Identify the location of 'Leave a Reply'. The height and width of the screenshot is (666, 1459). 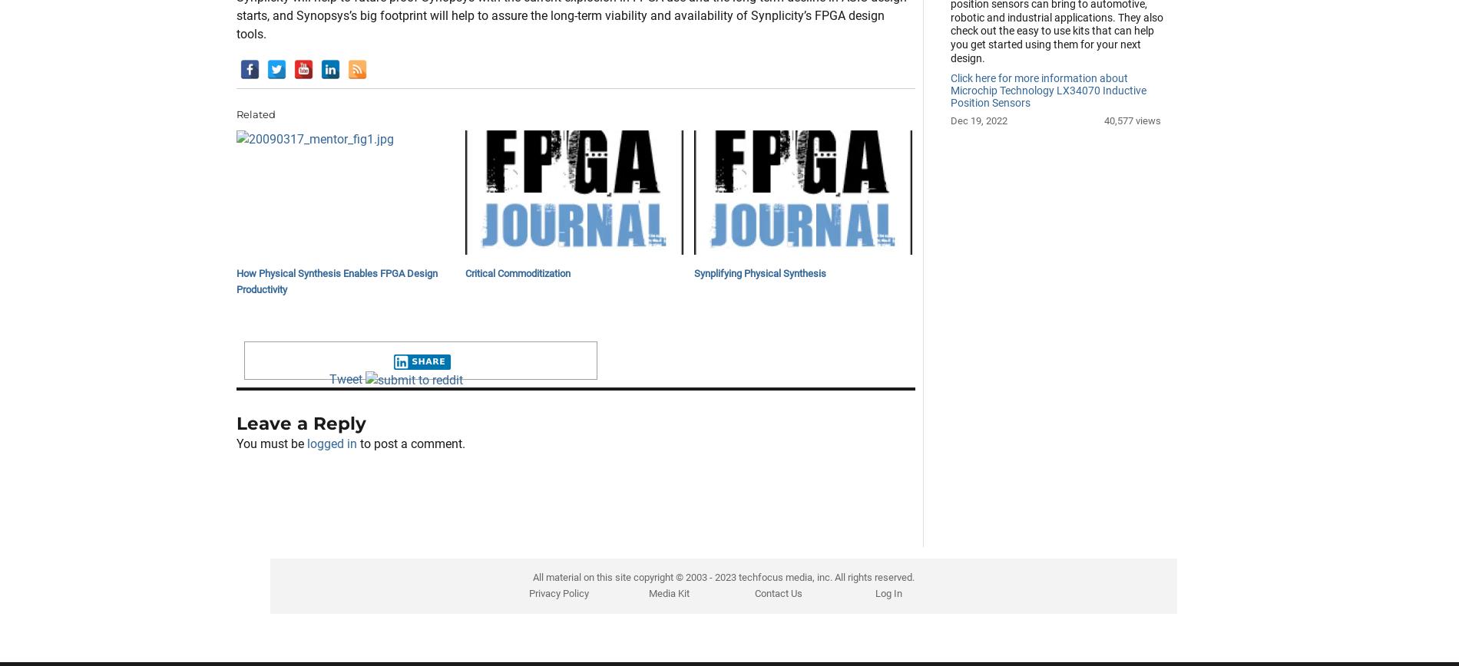
(235, 500).